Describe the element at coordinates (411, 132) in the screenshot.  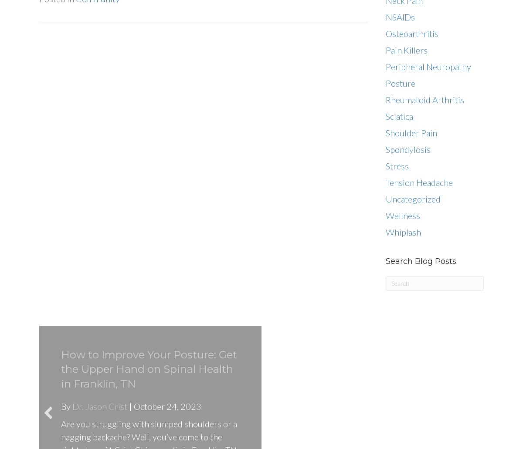
I see `'Shoulder Pain'` at that location.